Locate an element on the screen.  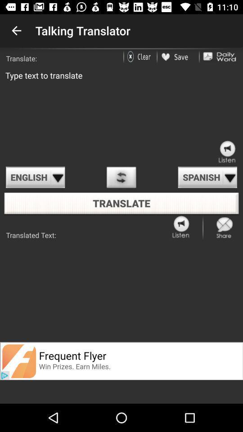
the article is located at coordinates (178, 56).